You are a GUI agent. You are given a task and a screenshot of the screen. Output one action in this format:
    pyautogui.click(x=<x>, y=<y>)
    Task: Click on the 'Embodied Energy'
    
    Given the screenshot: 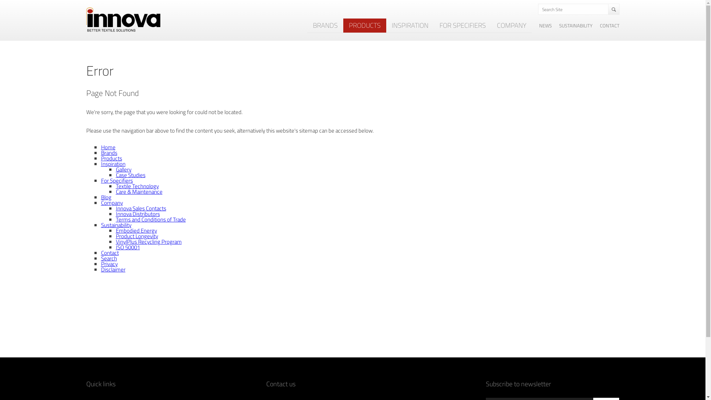 What is the action you would take?
    pyautogui.click(x=115, y=230)
    